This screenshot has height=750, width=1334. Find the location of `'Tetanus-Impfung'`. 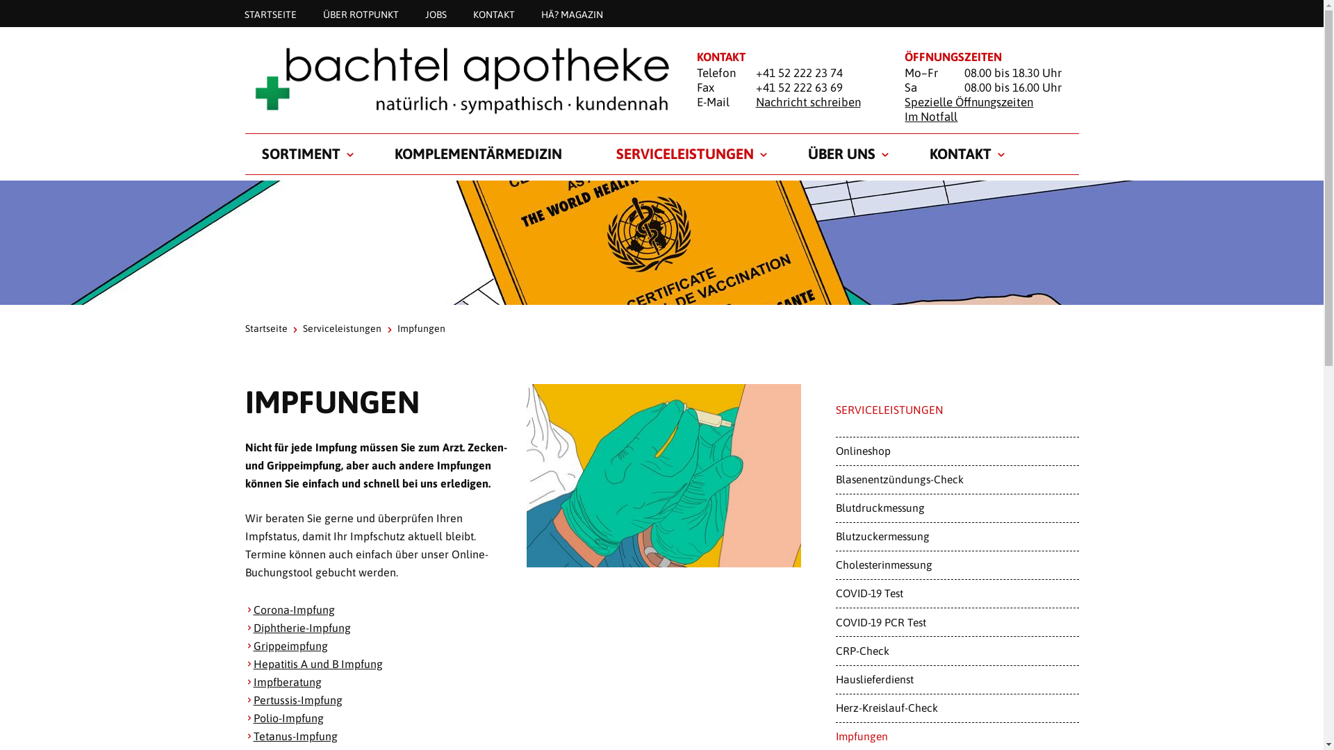

'Tetanus-Impfung' is located at coordinates (294, 735).